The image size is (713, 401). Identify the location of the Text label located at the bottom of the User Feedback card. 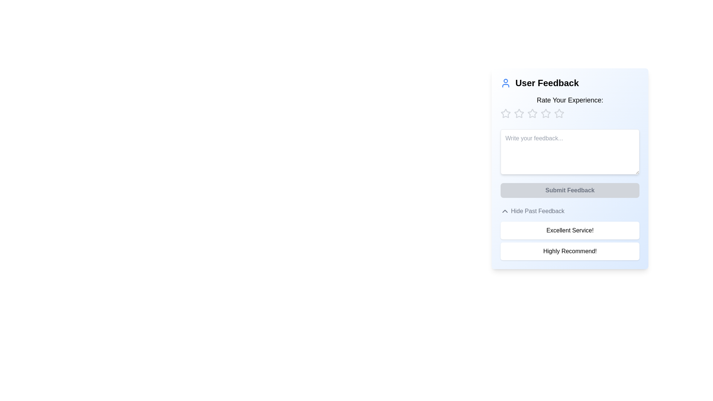
(538, 211).